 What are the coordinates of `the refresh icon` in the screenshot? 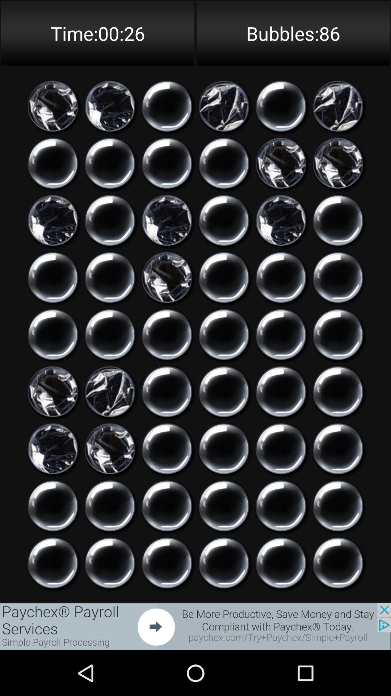 It's located at (338, 541).